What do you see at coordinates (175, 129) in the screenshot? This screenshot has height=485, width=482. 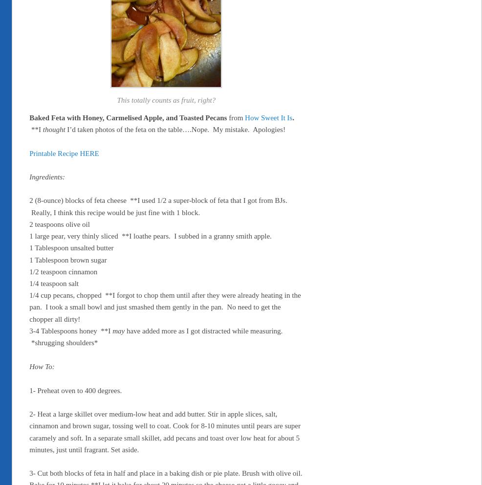 I see `'I’d taken photos of the feta on the table….Nope.  My mistake.  Apologies!'` at bounding box center [175, 129].